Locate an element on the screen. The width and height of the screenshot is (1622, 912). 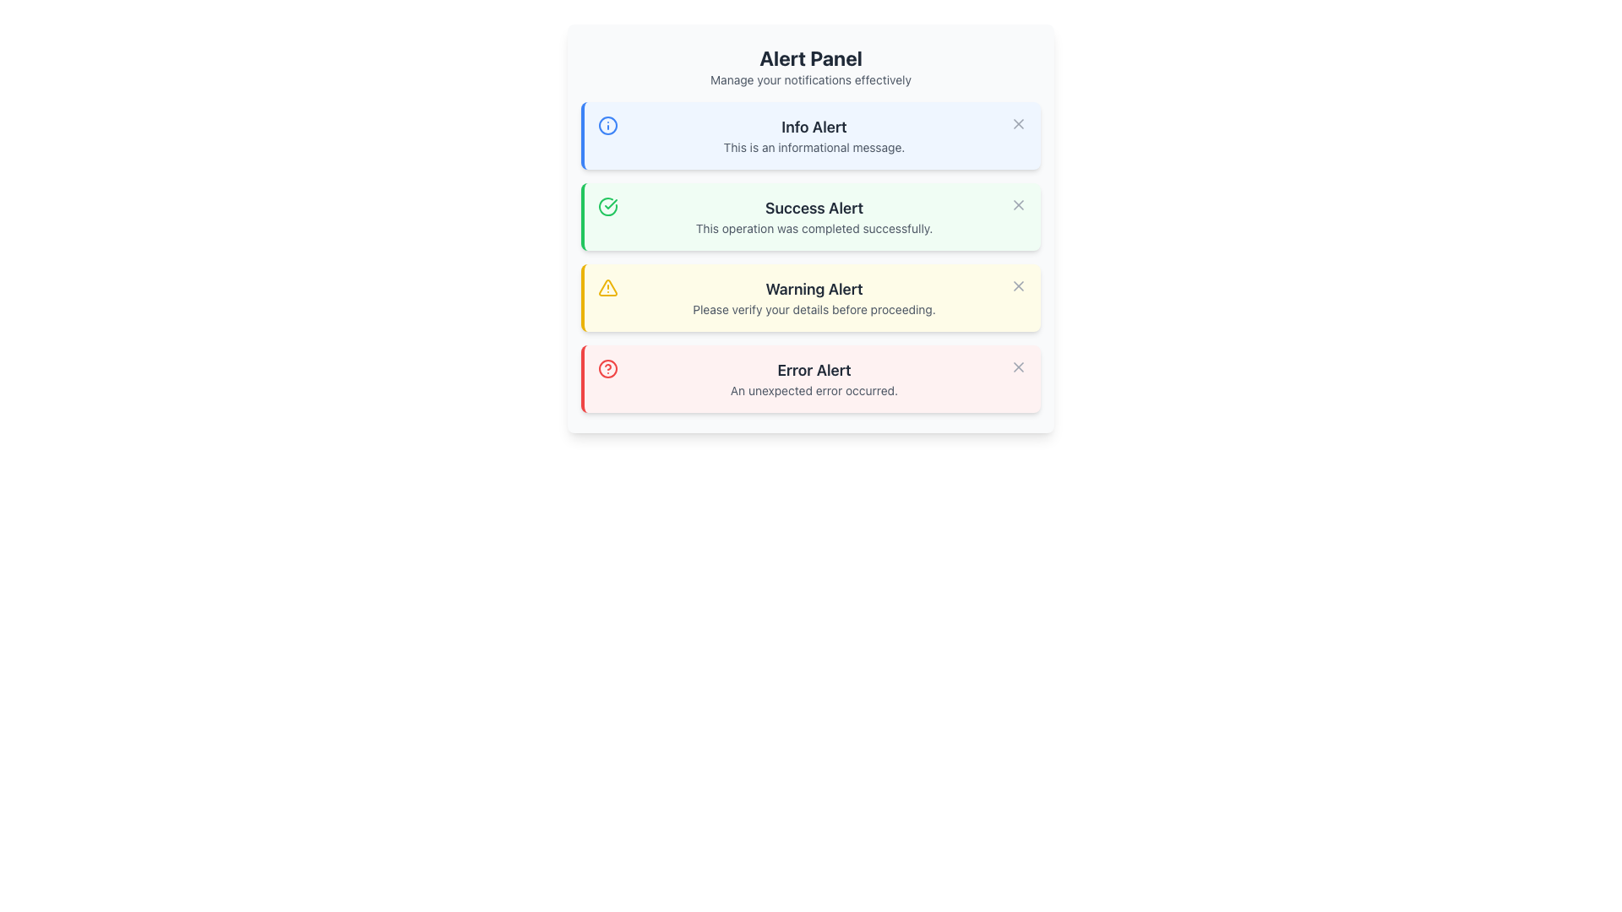
the success confirmation icon located within the 'Success Alert' notification box, positioned towards the left side of its boundary, which indicates that the operation was completed successfully is located at coordinates (608, 206).